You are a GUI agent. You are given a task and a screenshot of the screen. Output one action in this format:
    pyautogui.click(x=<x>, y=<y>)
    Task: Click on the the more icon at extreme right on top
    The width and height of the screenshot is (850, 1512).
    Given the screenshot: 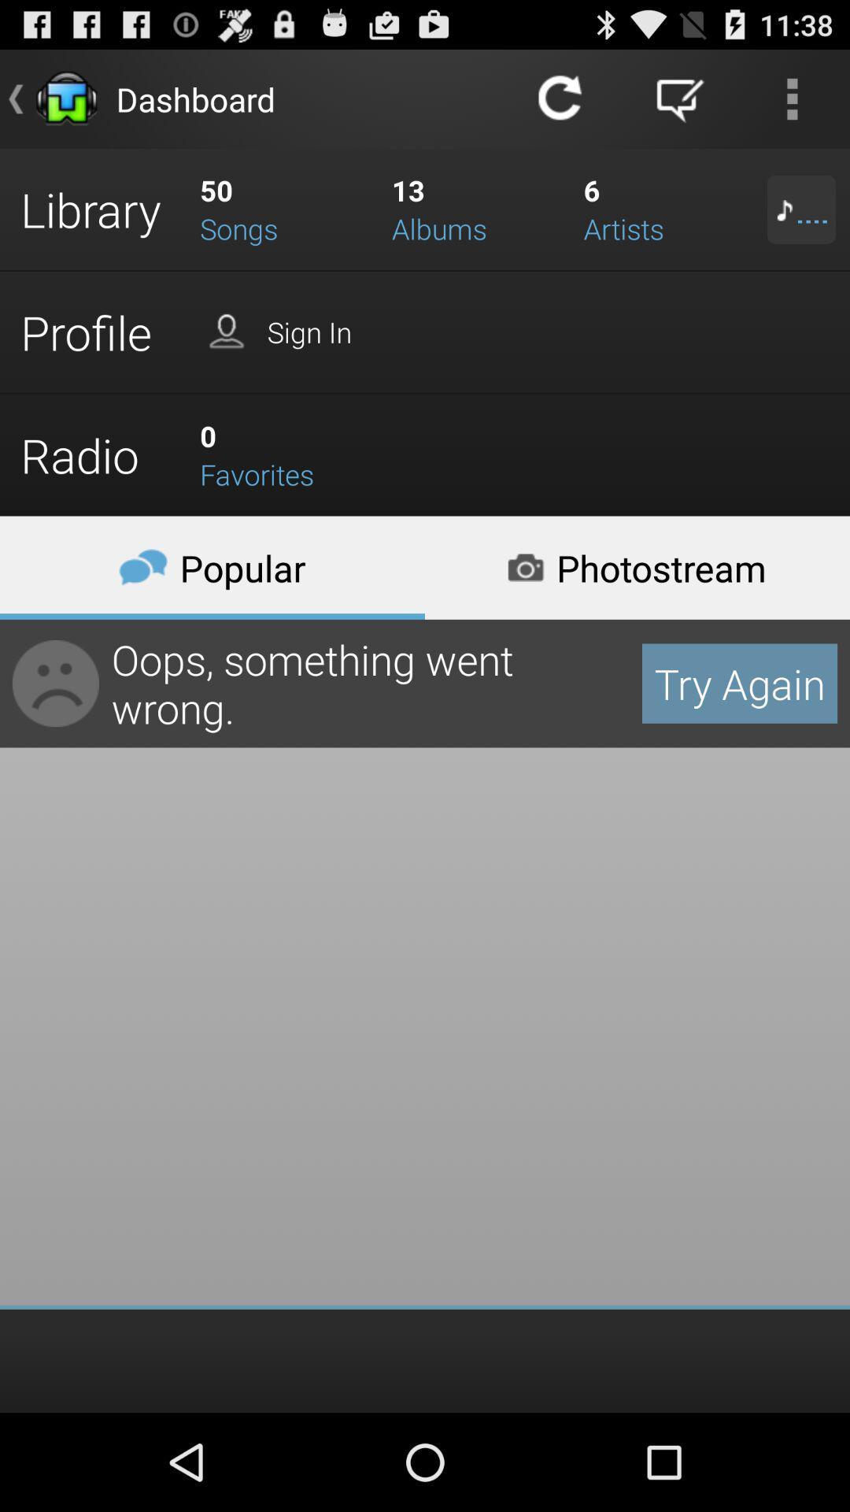 What is the action you would take?
    pyautogui.click(x=792, y=98)
    